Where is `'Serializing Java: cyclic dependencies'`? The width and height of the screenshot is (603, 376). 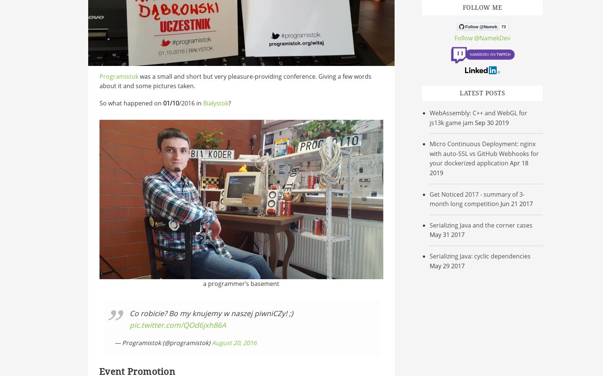 'Serializing Java: cyclic dependencies' is located at coordinates (480, 255).